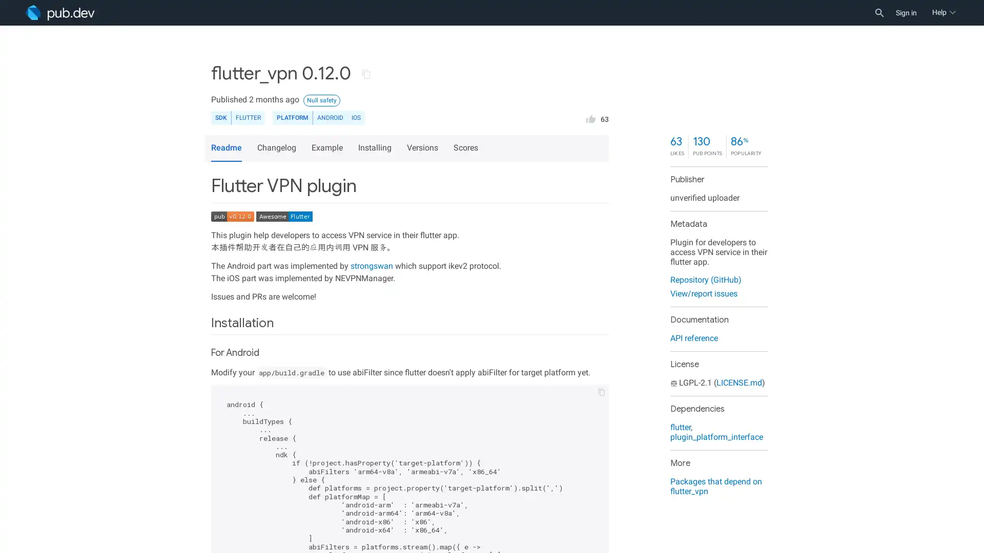  Describe the element at coordinates (329, 148) in the screenshot. I see `Example` at that location.